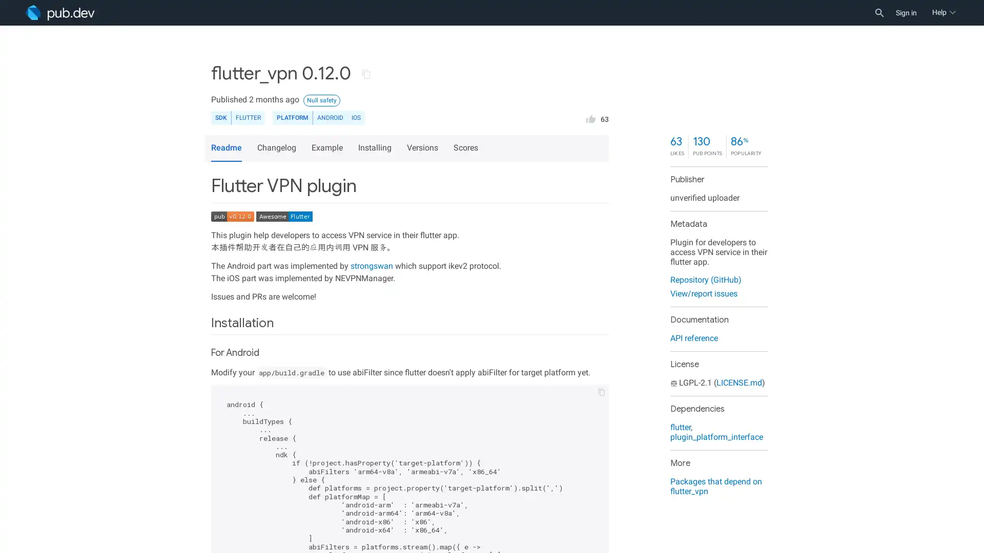  Describe the element at coordinates (329, 148) in the screenshot. I see `Example` at that location.